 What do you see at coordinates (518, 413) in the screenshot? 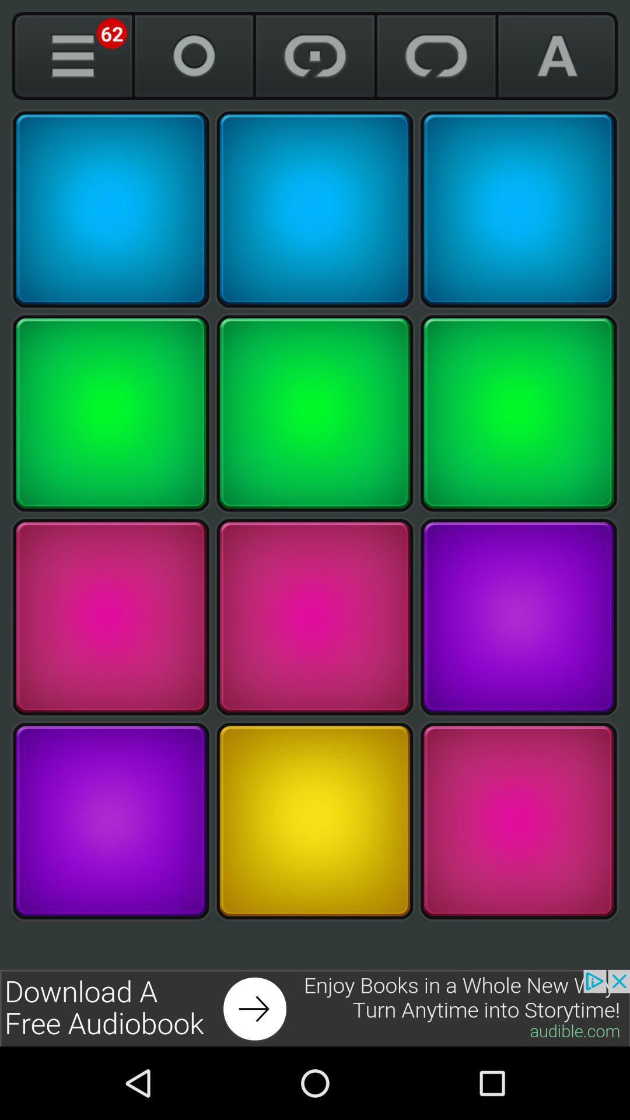
I see `discover this beat` at bounding box center [518, 413].